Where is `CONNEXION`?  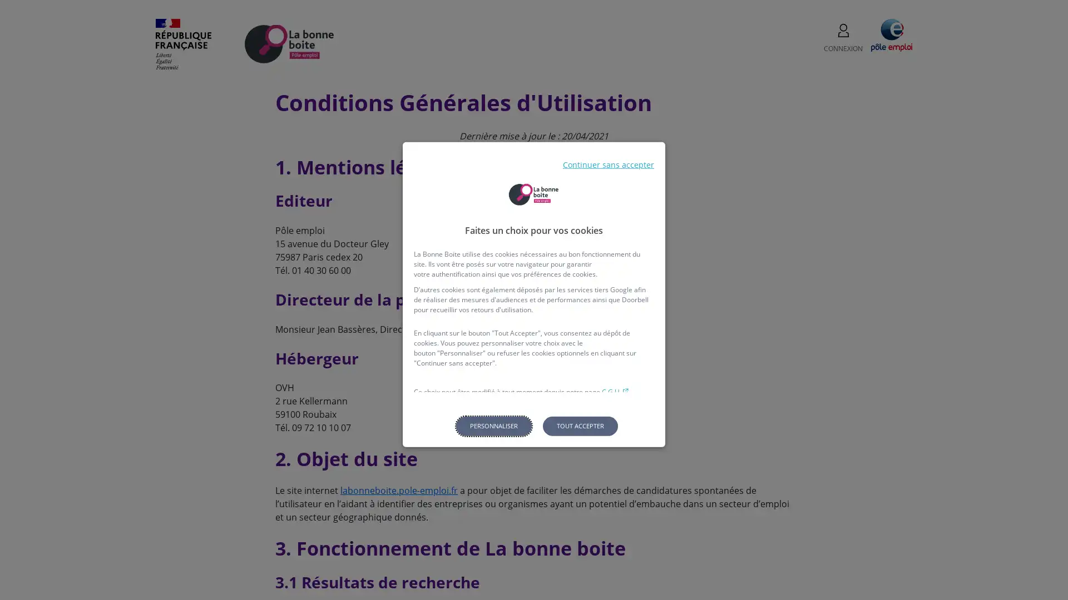
CONNEXION is located at coordinates (843, 37).